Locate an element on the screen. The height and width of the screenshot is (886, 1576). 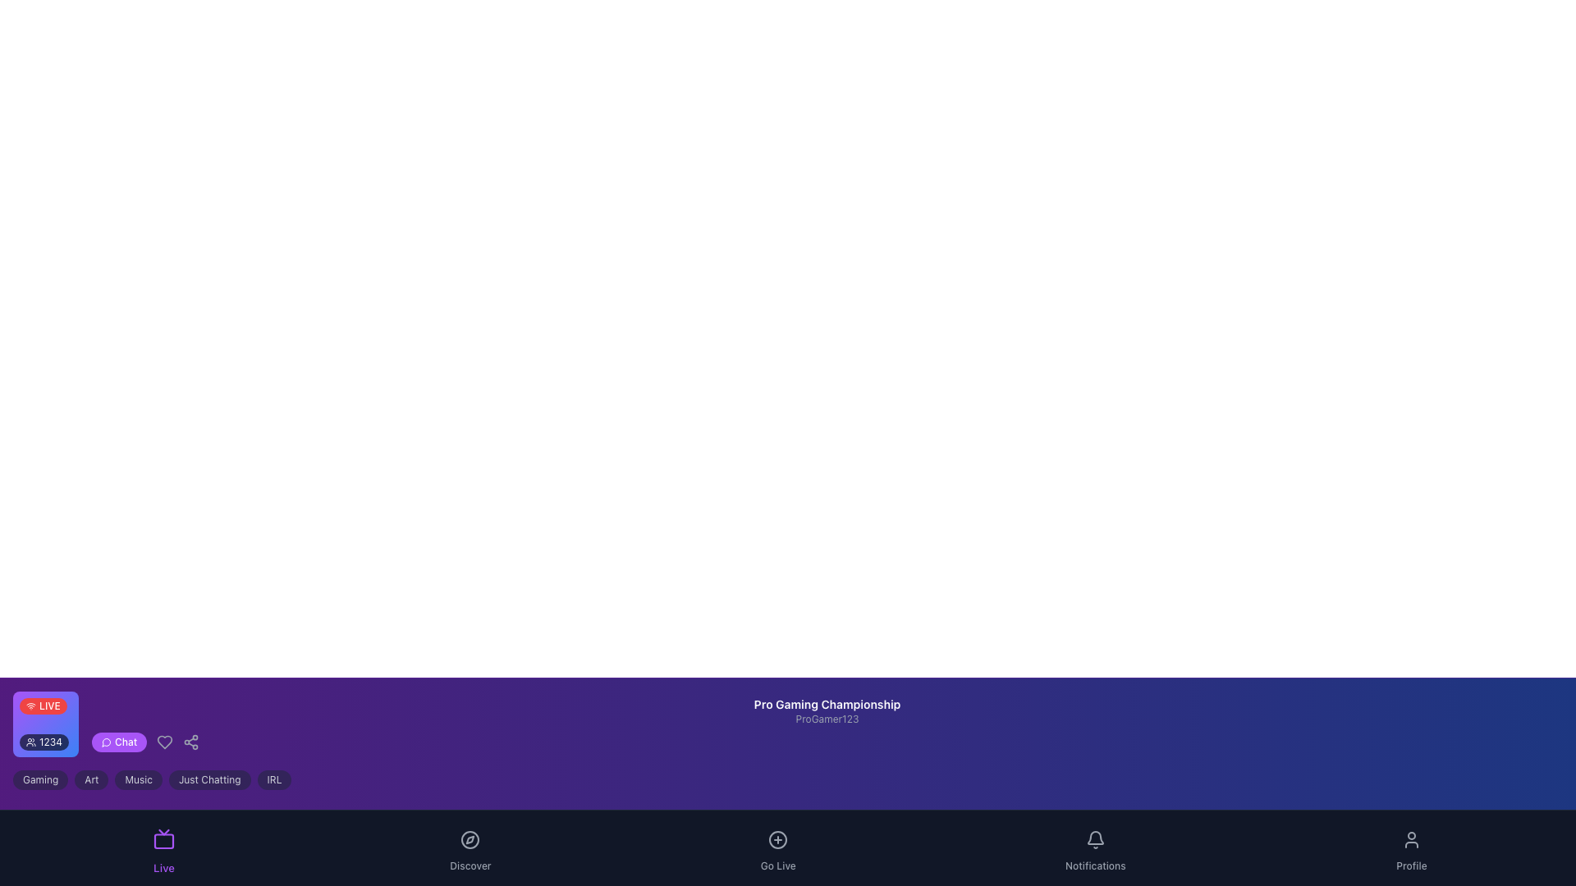
the 'Gaming' button is located at coordinates (40, 779).